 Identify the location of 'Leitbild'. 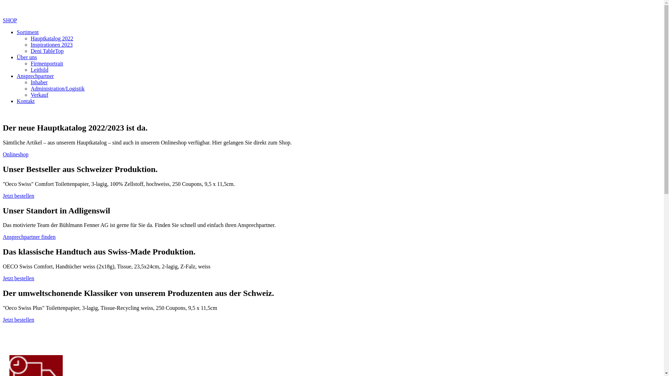
(39, 70).